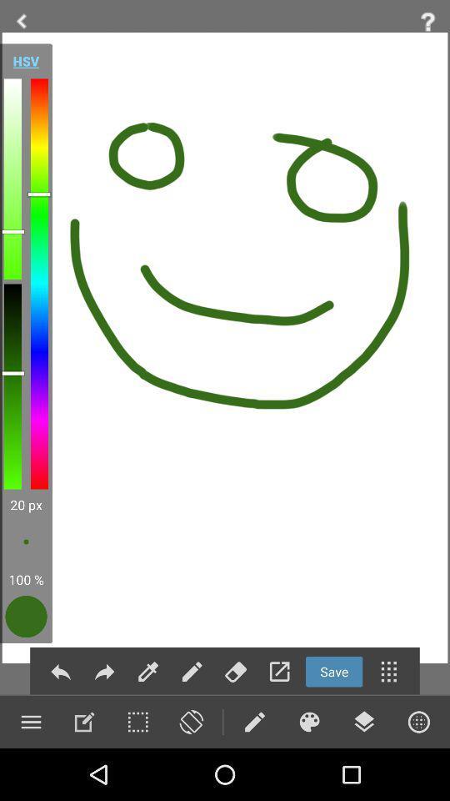 Image resolution: width=450 pixels, height=801 pixels. I want to click on fullscreen, so click(279, 672).